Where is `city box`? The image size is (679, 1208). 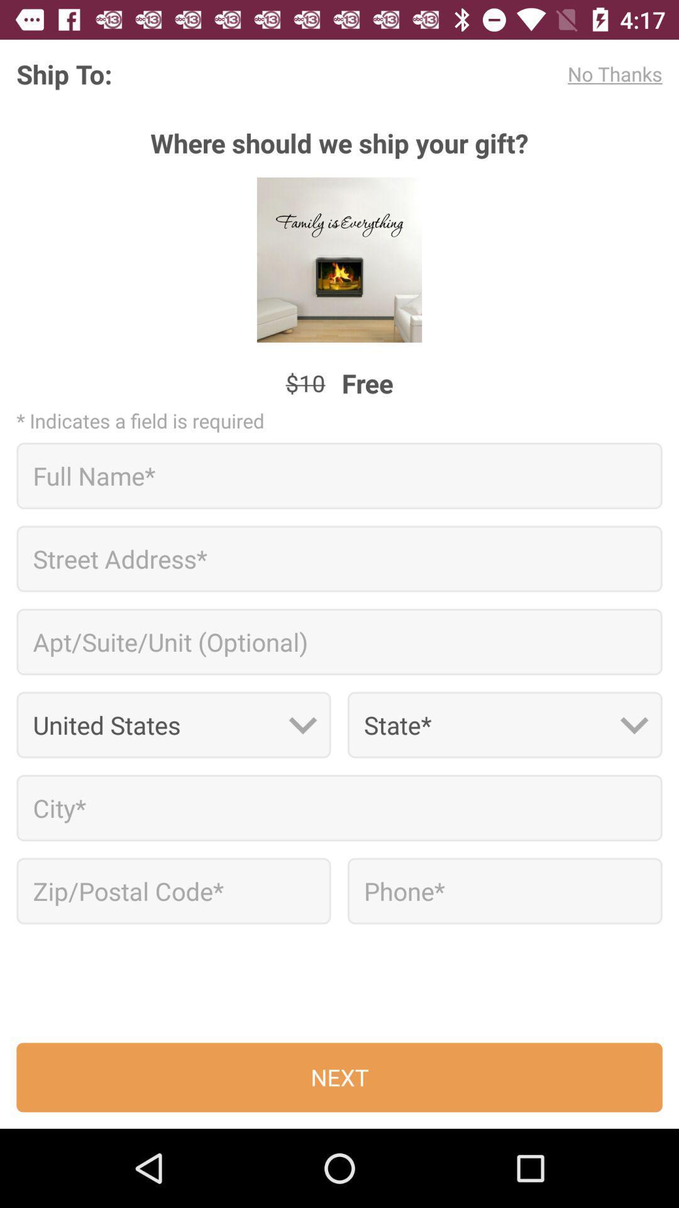 city box is located at coordinates (339, 808).